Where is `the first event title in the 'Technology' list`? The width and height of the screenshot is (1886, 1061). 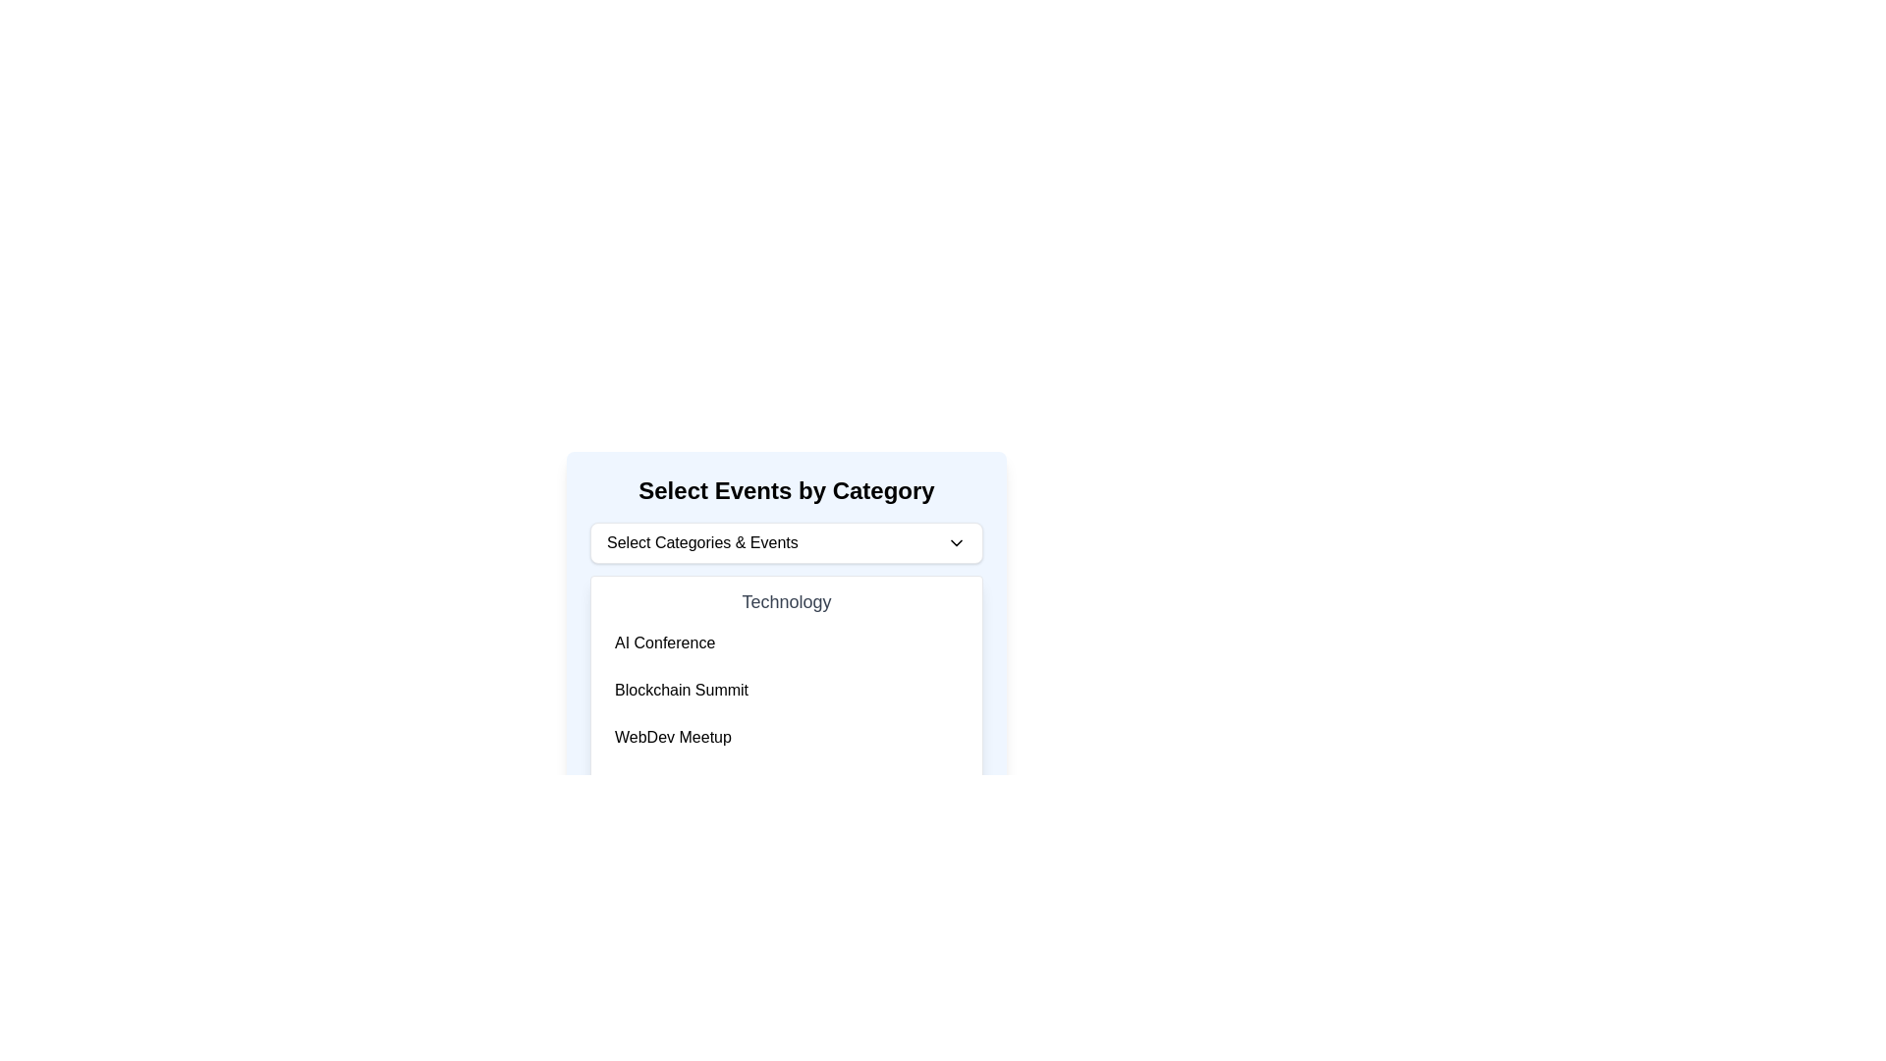 the first event title in the 'Technology' list is located at coordinates (787, 643).